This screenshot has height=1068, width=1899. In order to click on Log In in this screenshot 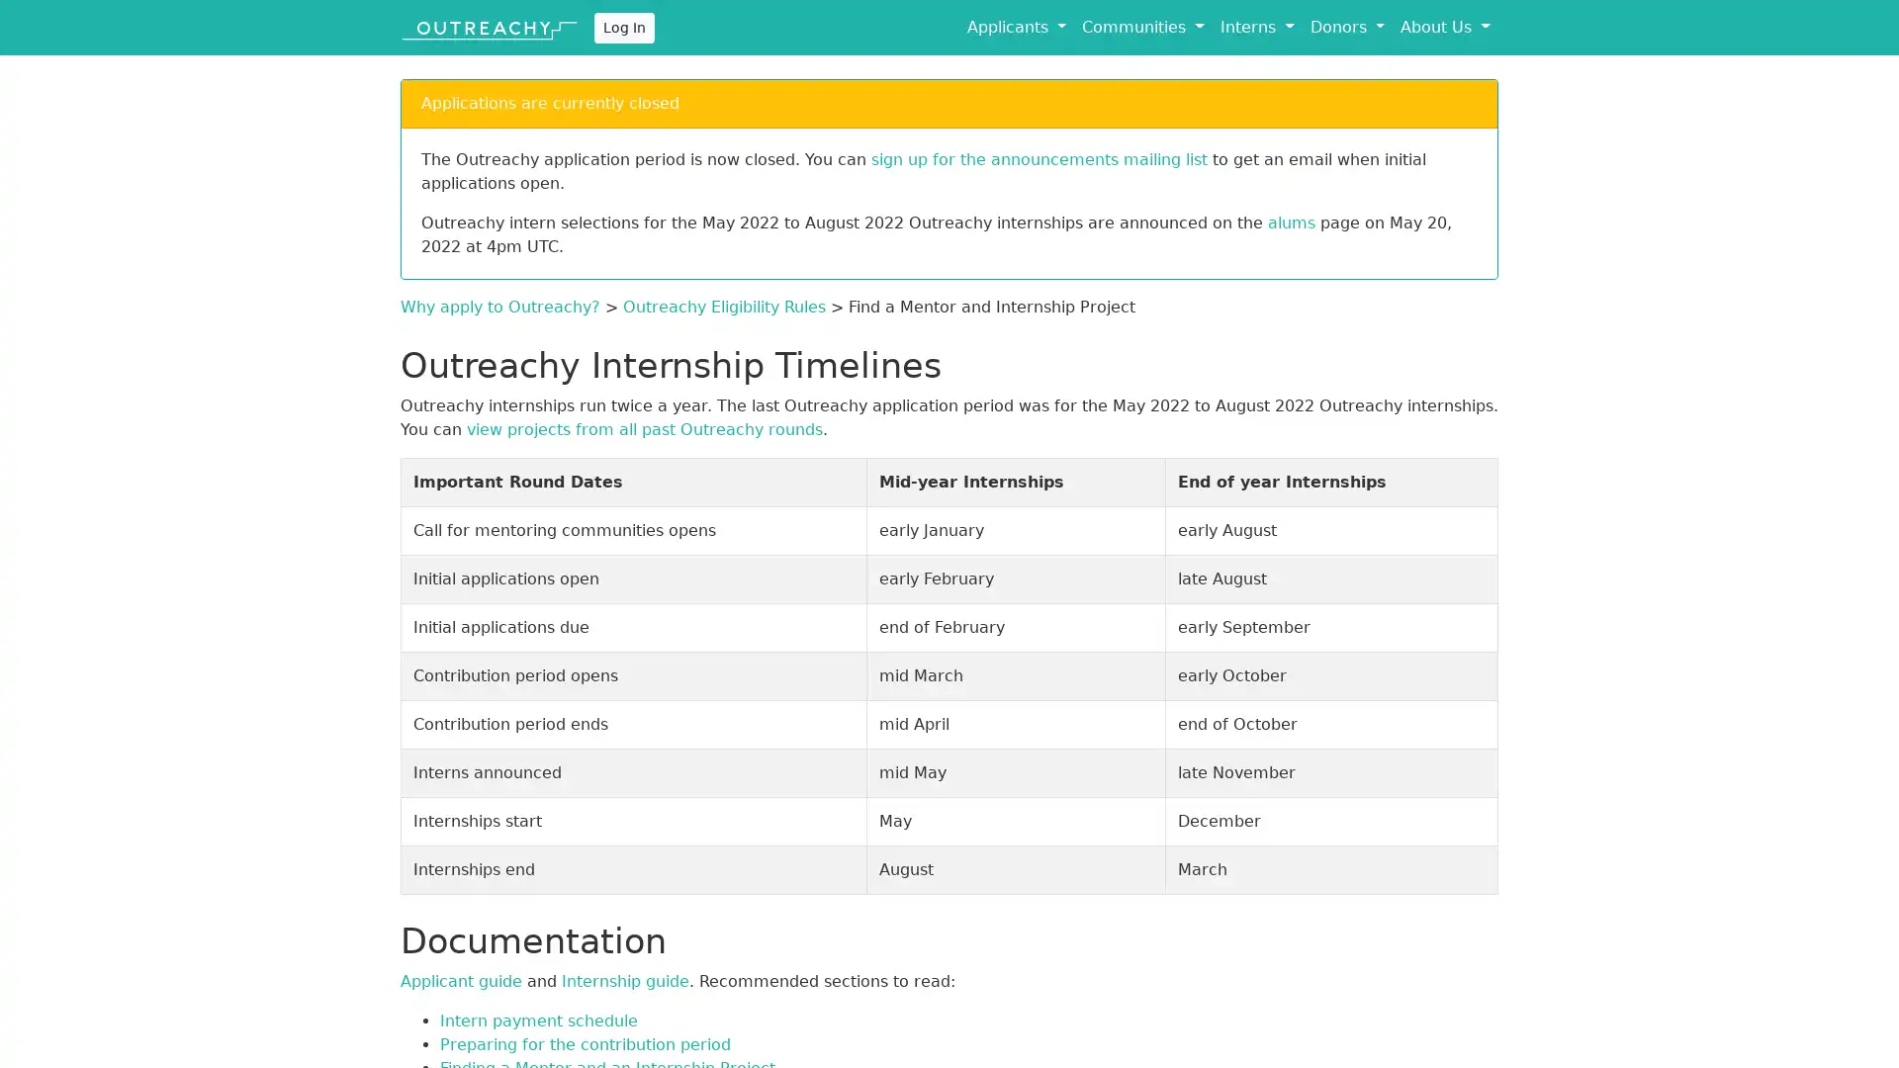, I will do `click(623, 27)`.